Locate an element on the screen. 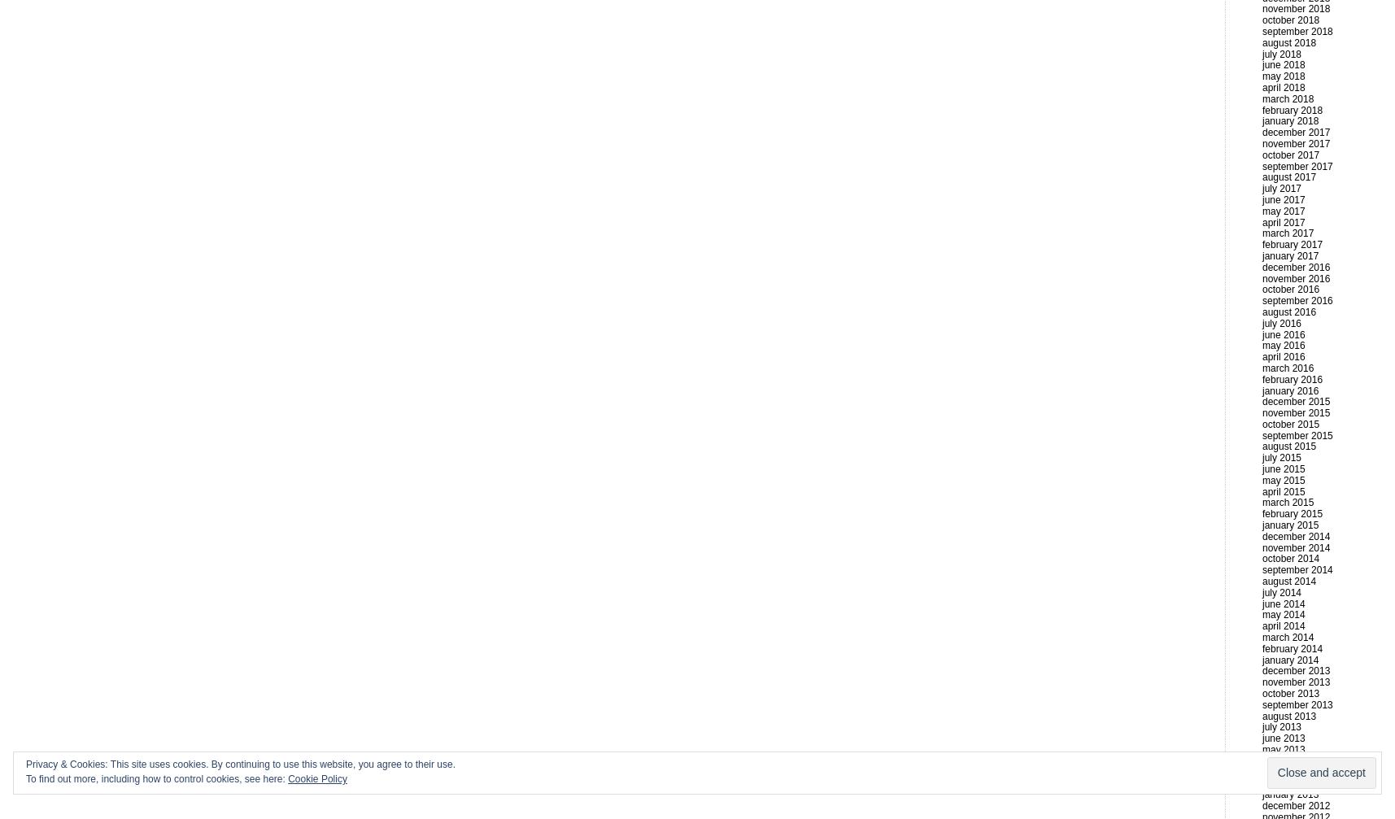 This screenshot has width=1395, height=819. 'January 2014' is located at coordinates (1289, 659).